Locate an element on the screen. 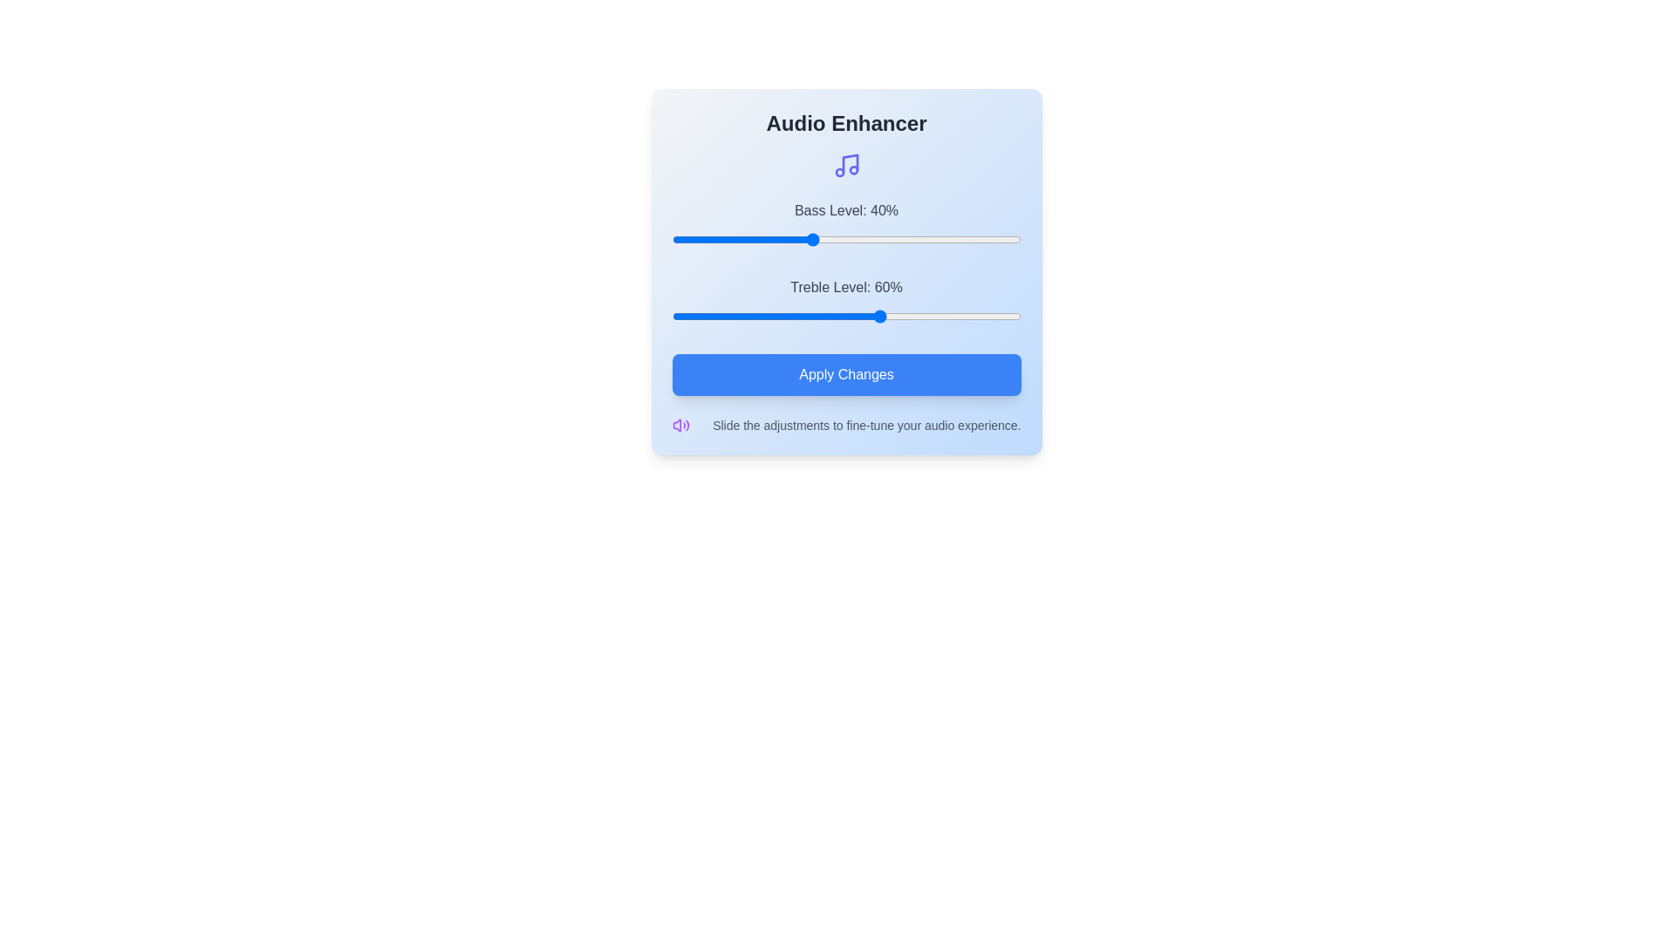  'Apply Changes' button is located at coordinates (846, 373).